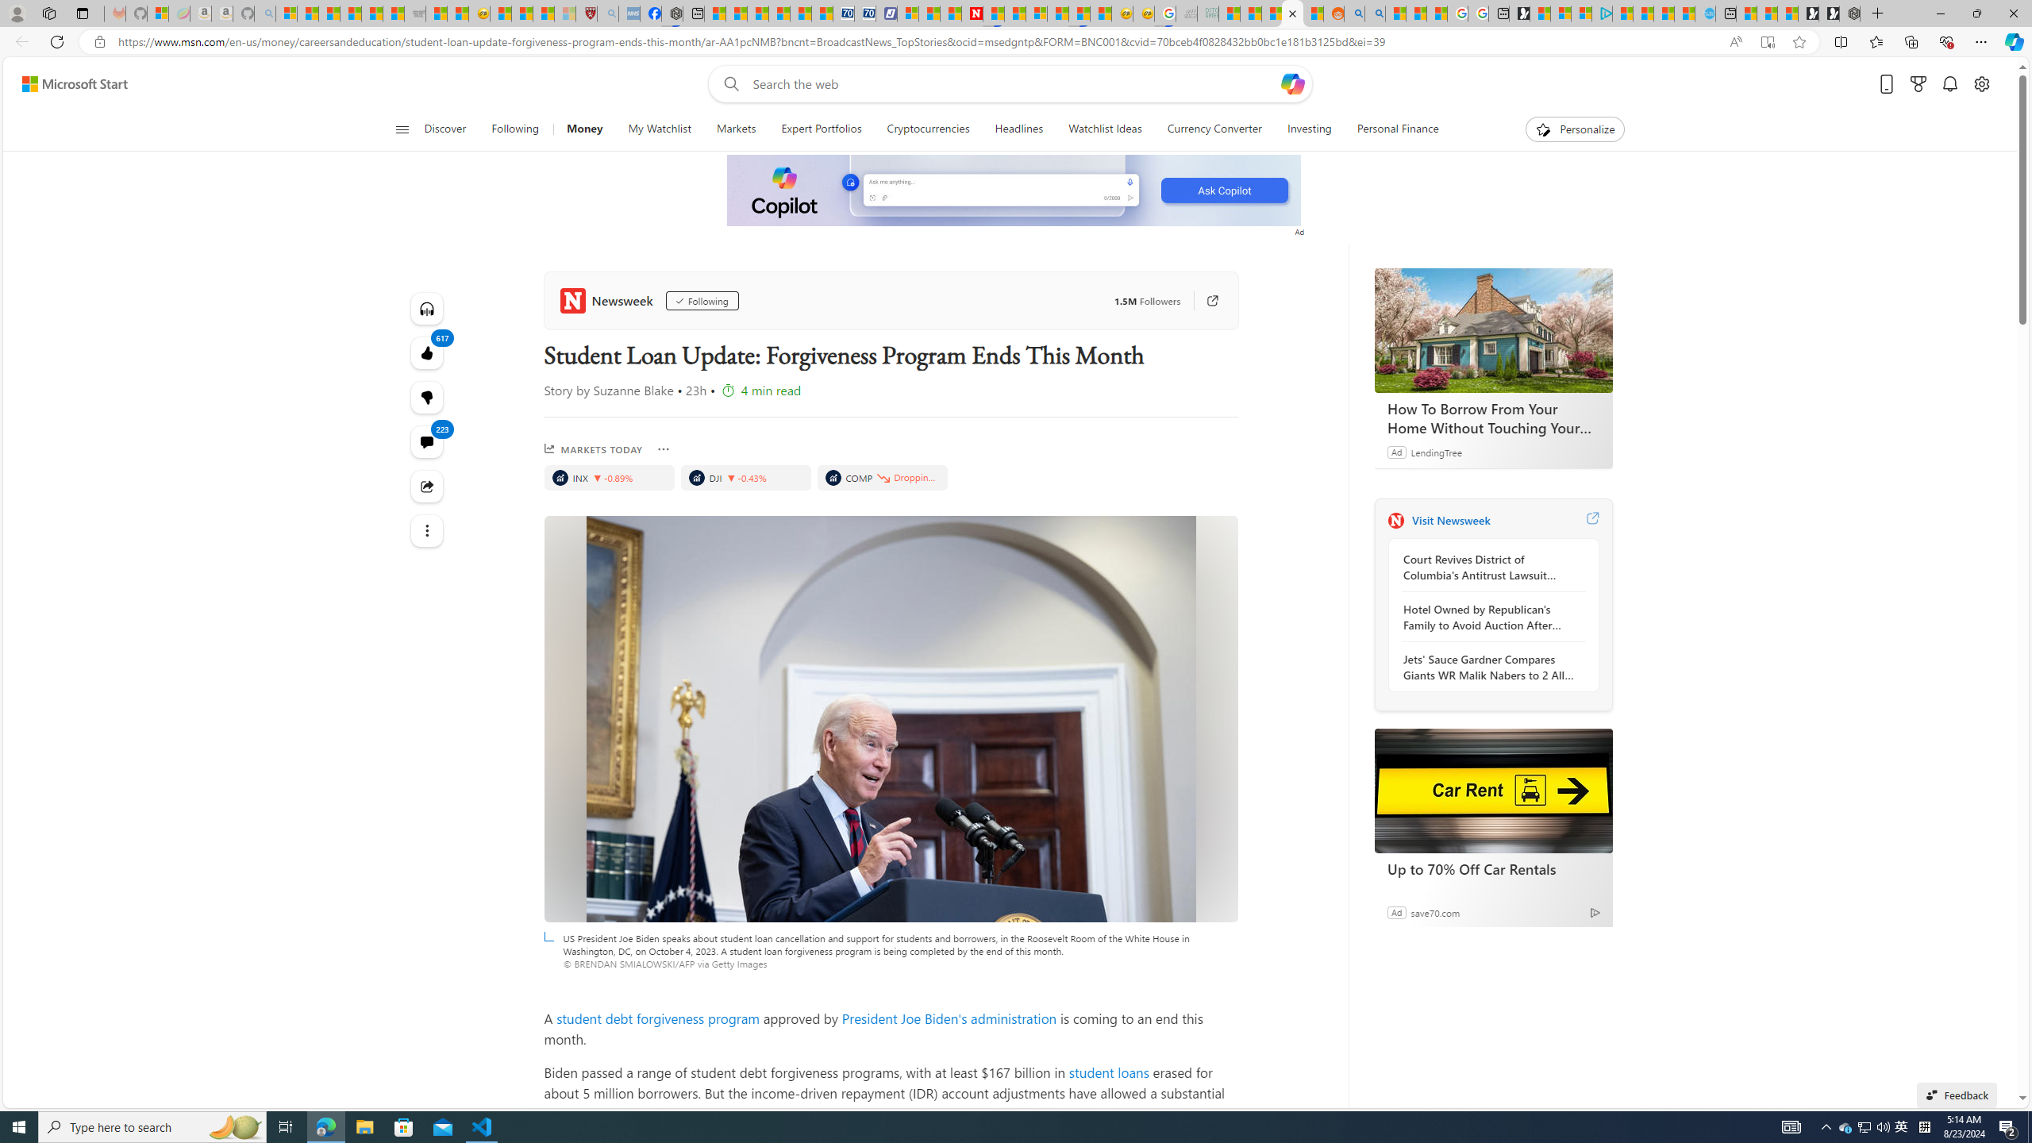 The image size is (2032, 1143). What do you see at coordinates (663, 449) in the screenshot?
I see `'More Options'` at bounding box center [663, 449].